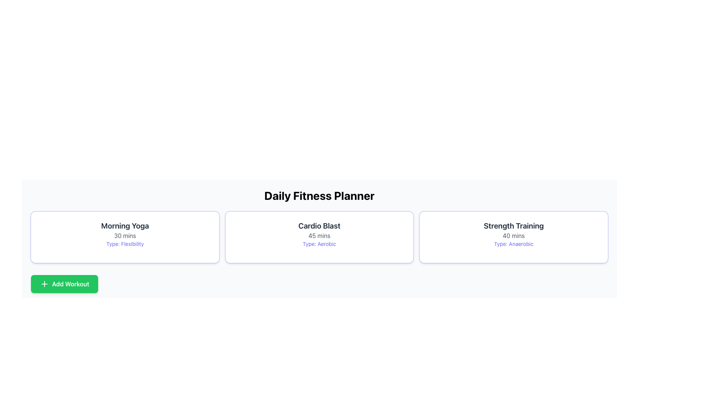  What do you see at coordinates (125, 225) in the screenshot?
I see `the title text element displaying 'Morning Yoga', which is located at the top-center of the first card in the schedule or planner interface` at bounding box center [125, 225].